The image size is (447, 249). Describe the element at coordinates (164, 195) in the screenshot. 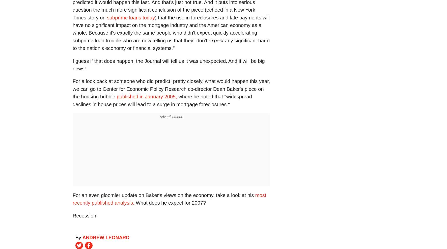

I see `'For an even gloomier update on Baker's views on the economy, take a look at his'` at that location.